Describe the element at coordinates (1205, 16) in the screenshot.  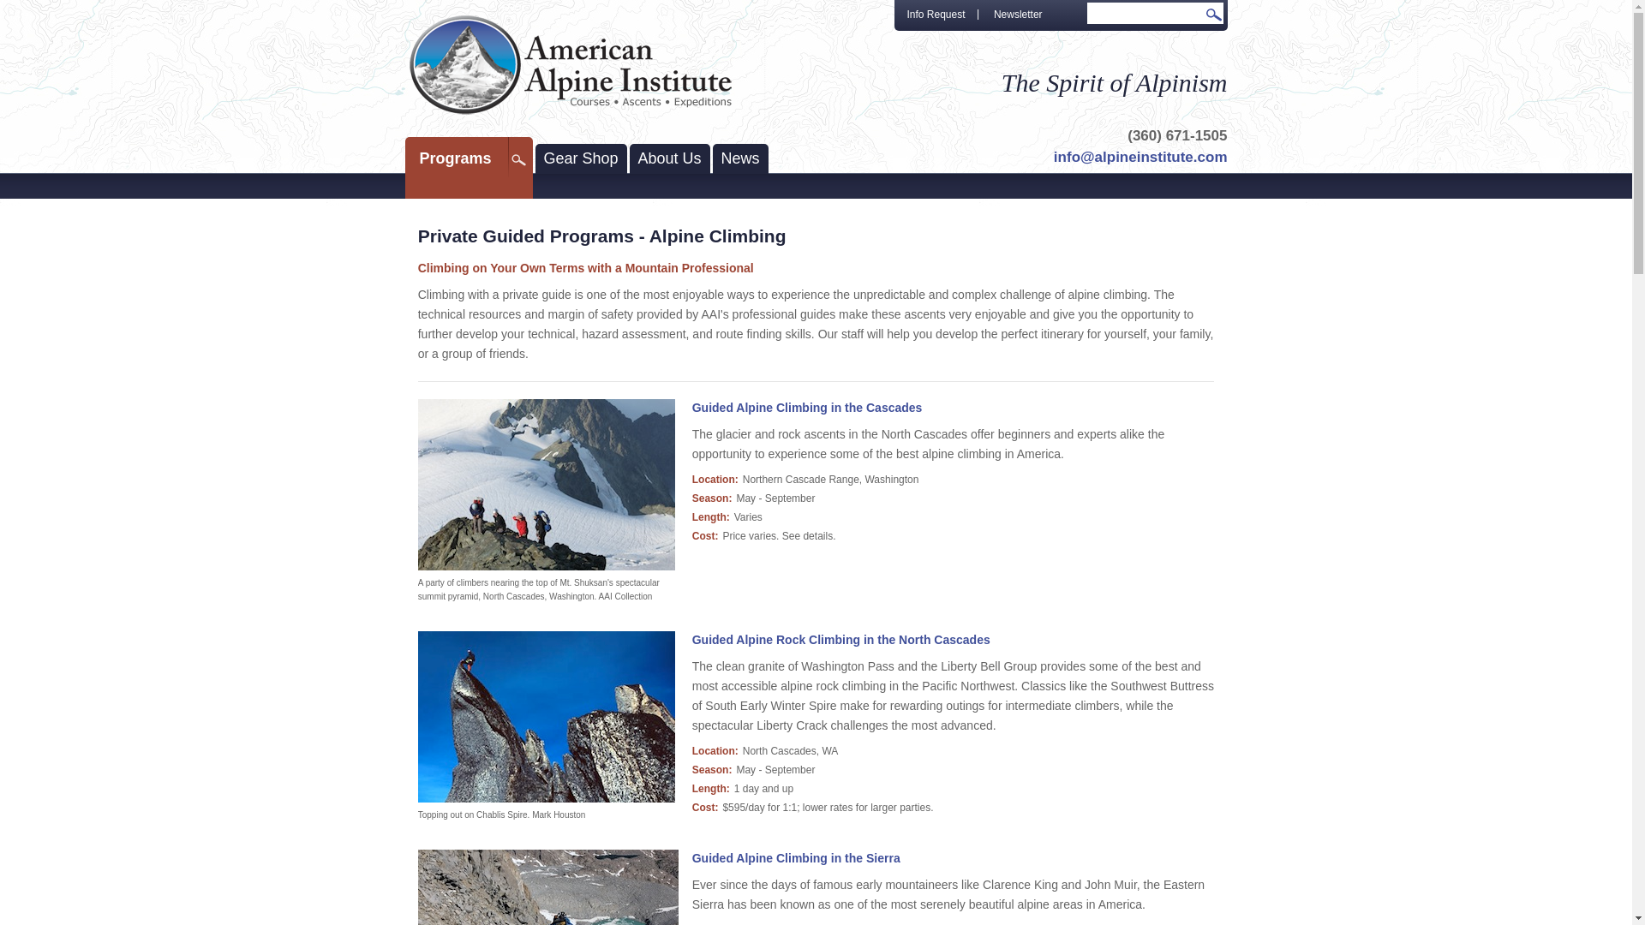
I see `'Go'` at that location.